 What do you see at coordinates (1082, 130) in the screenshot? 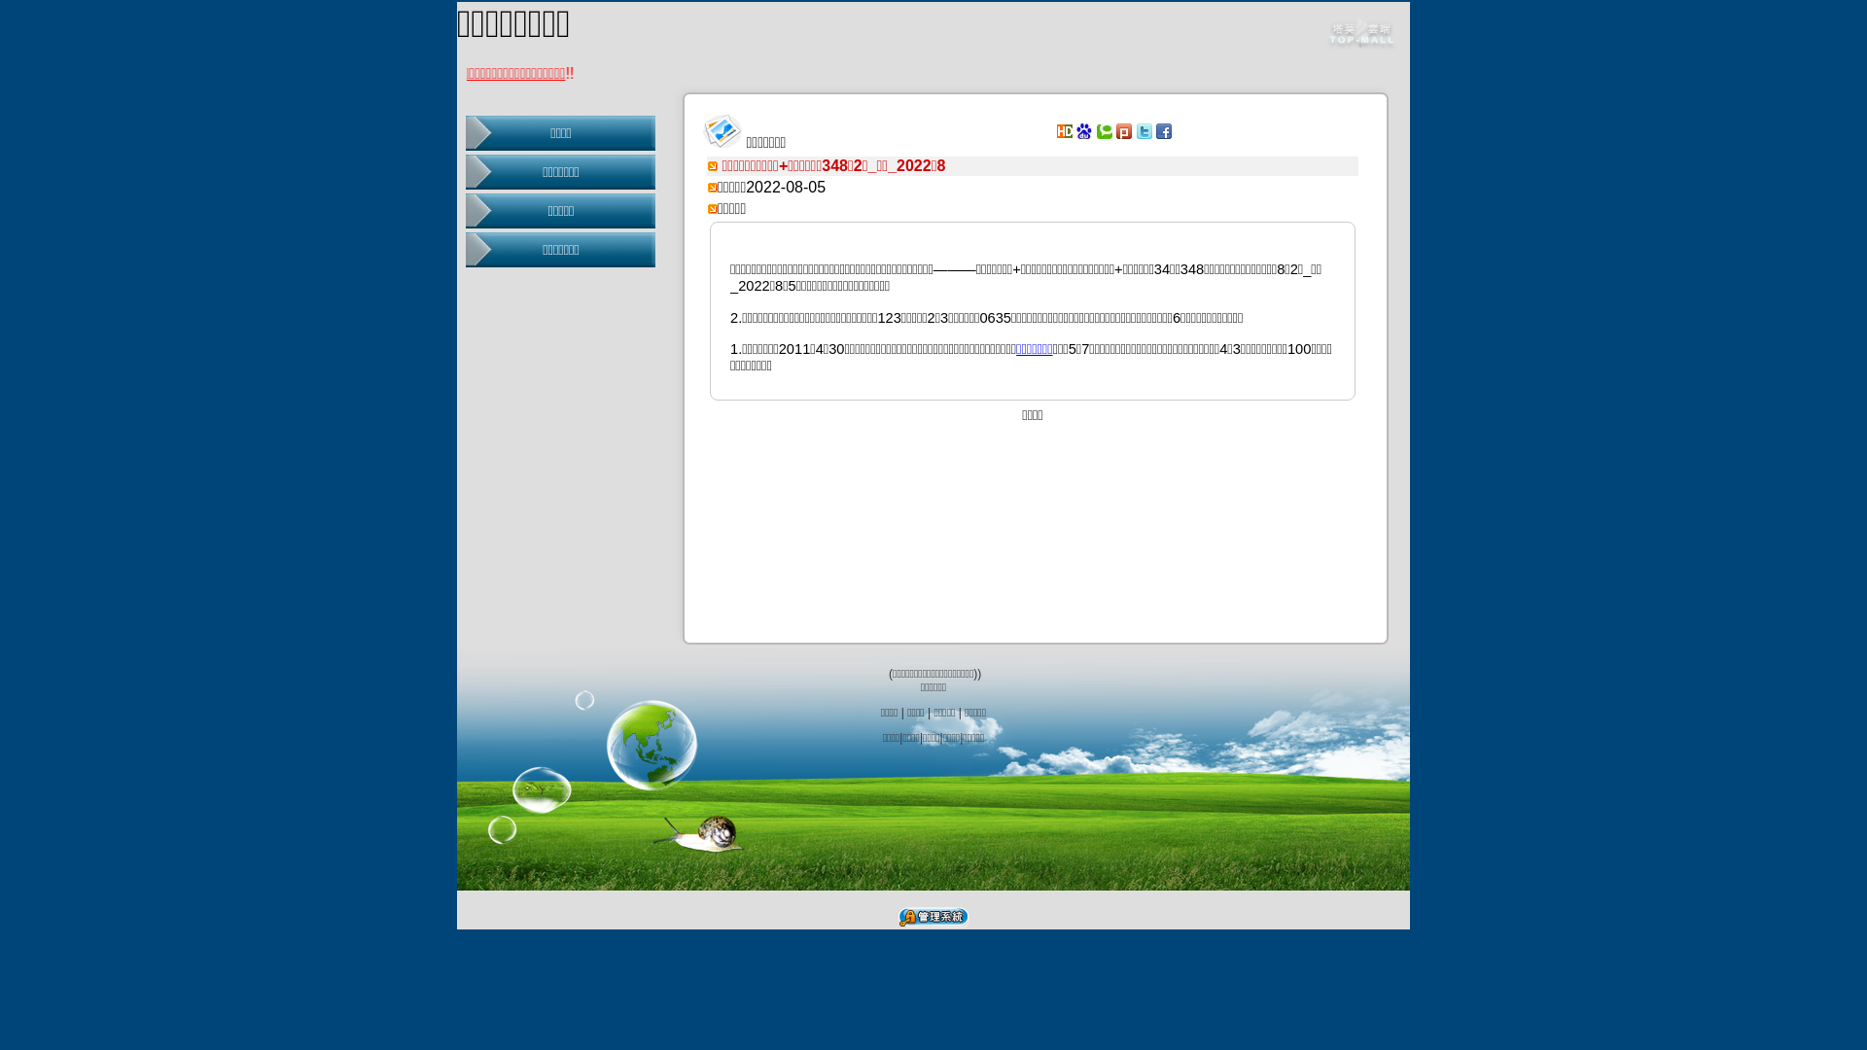
I see `'Baidu'` at bounding box center [1082, 130].